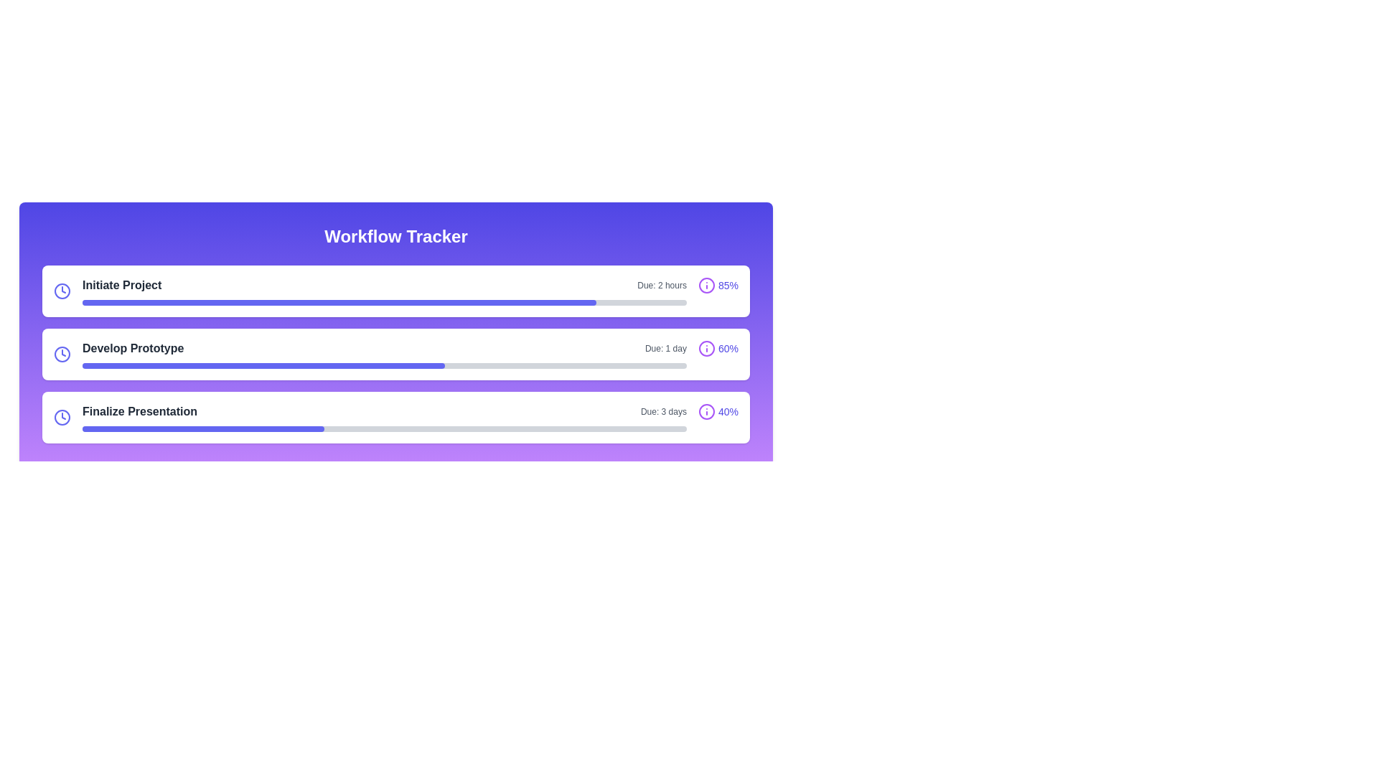  Describe the element at coordinates (122, 285) in the screenshot. I see `the bold text label 'Initiate Project' which is prominently displayed in dark gray color within the first card of a vertical stack of project names` at that location.